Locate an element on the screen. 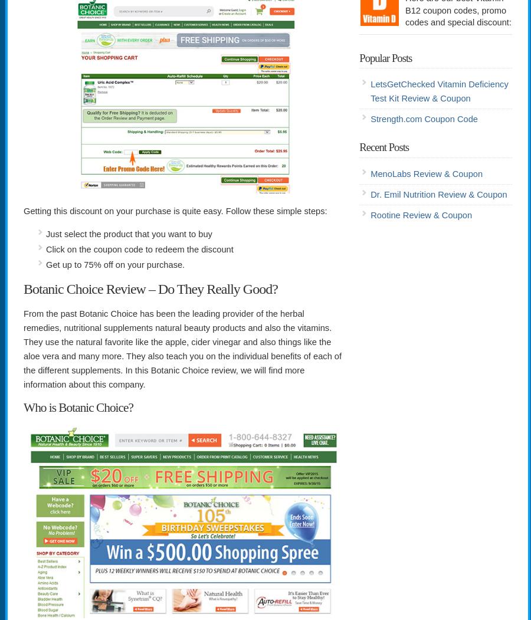  'Get up to 75% off on your purchase.' is located at coordinates (115, 264).